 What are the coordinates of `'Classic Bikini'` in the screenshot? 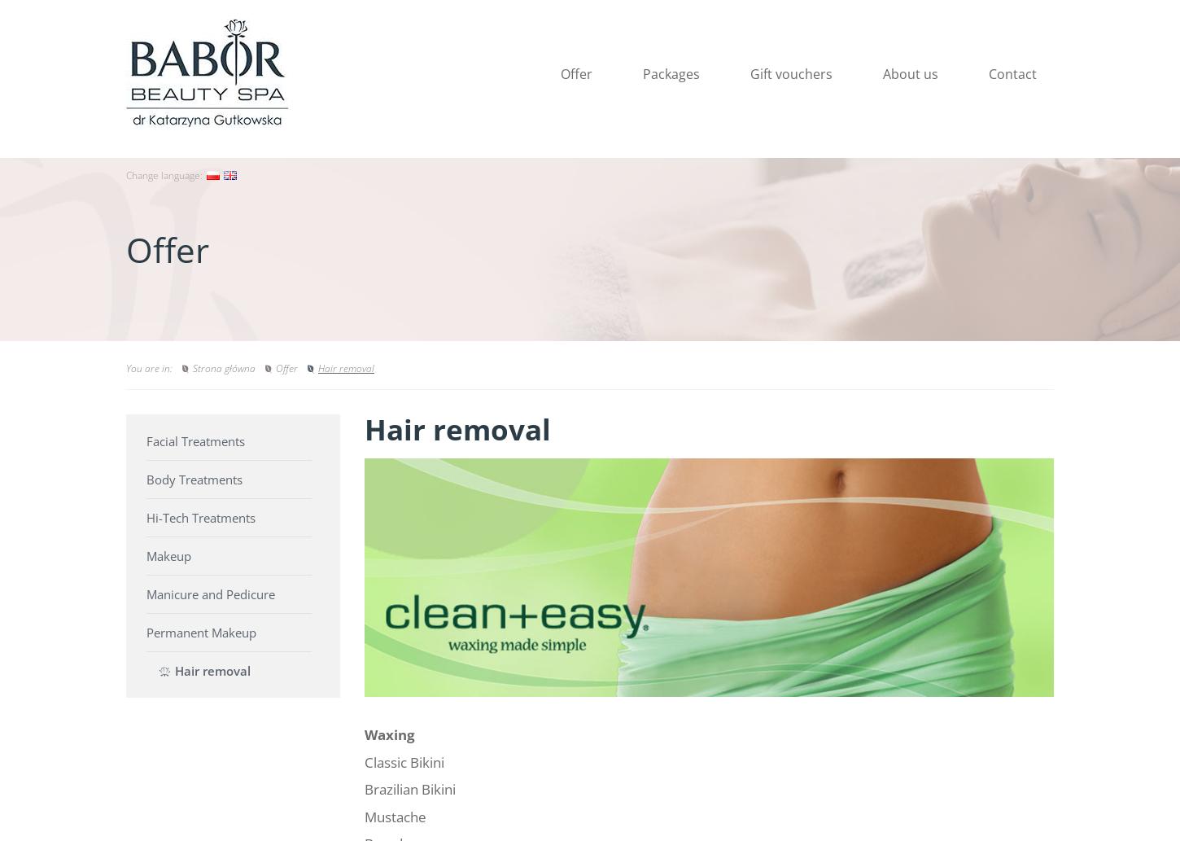 It's located at (404, 760).